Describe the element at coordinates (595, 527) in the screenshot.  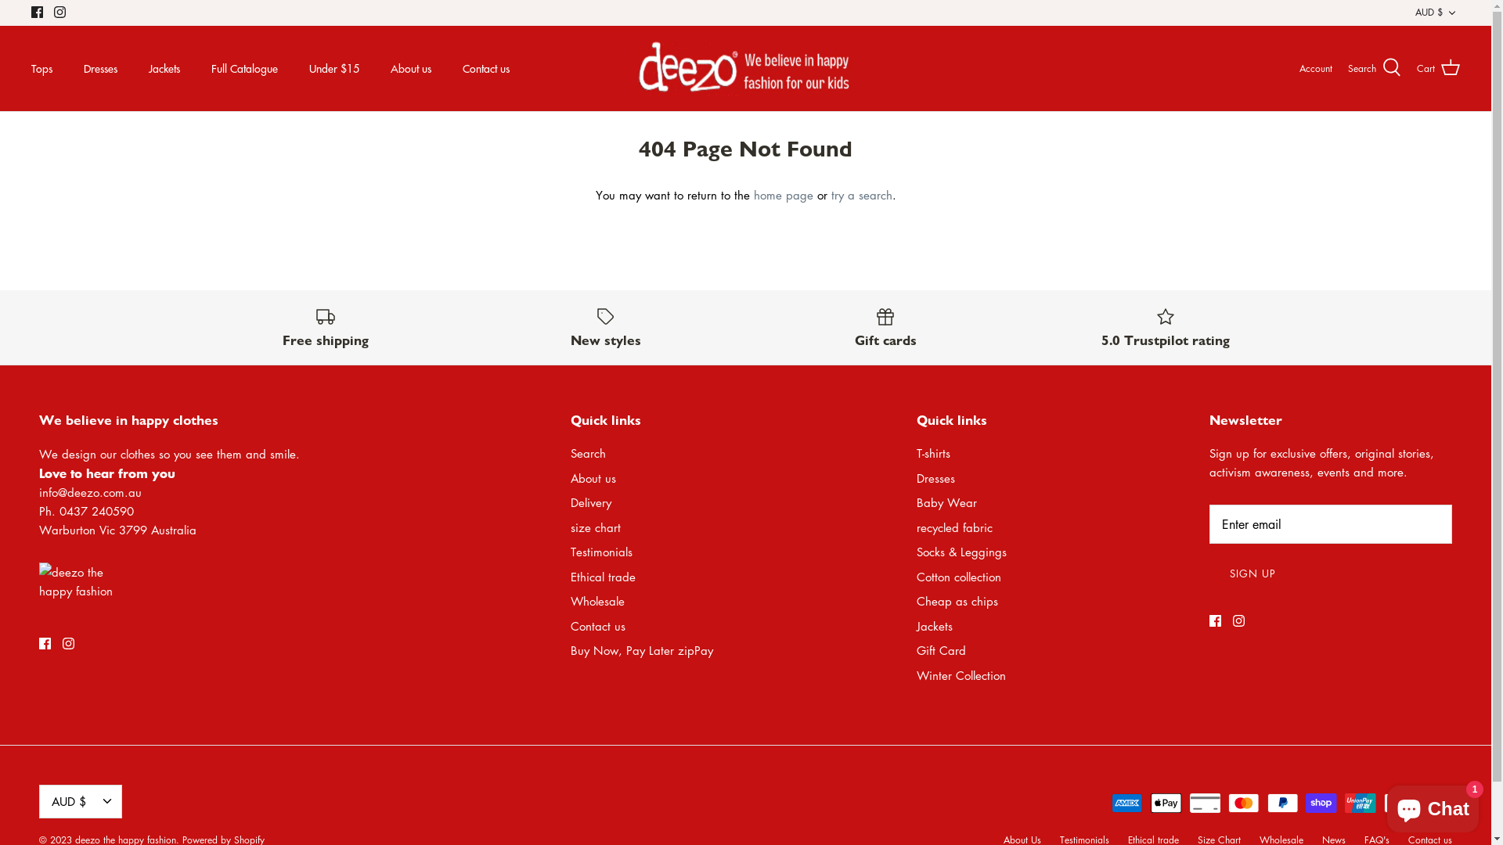
I see `'size chart'` at that location.